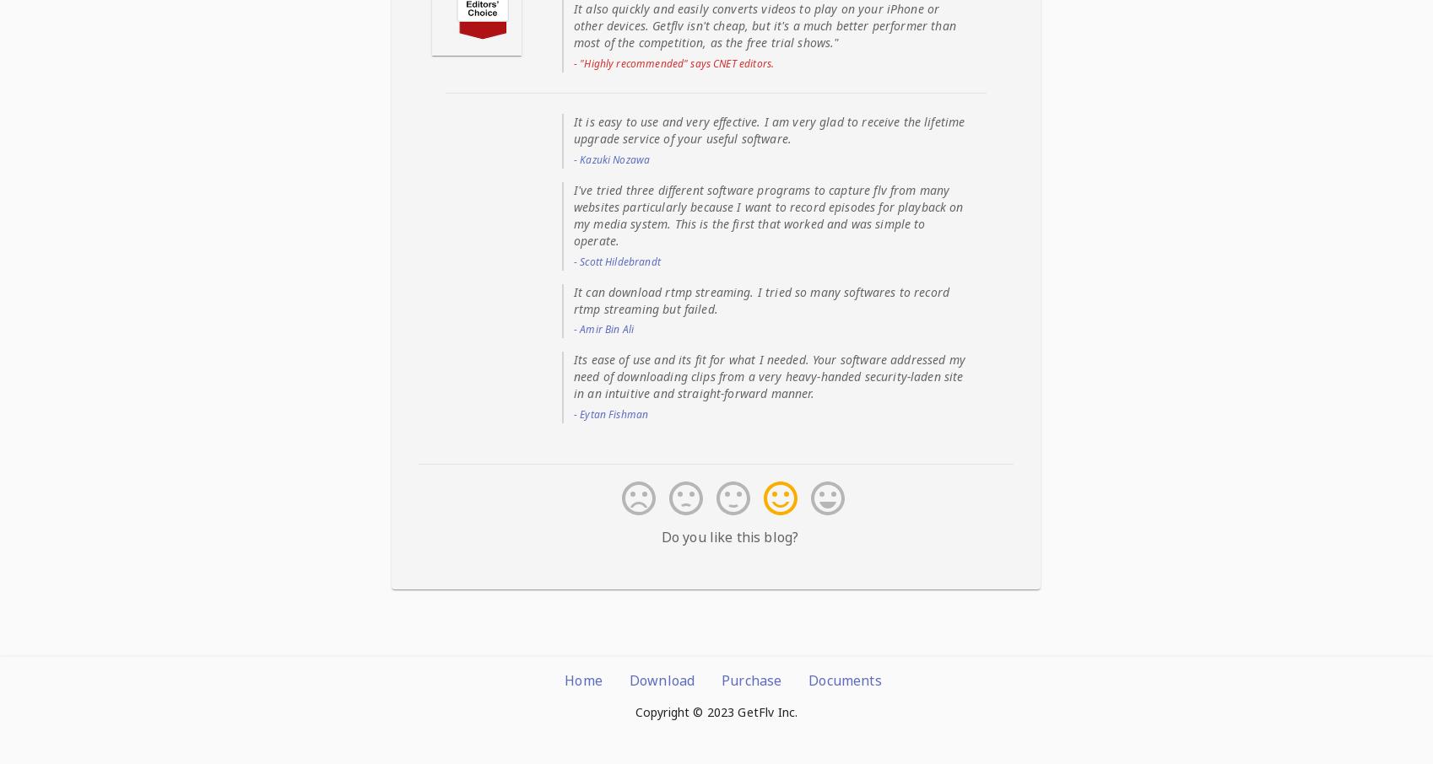  What do you see at coordinates (477, 297) in the screenshot?
I see `': A capture task will cost more than 20% of your CPU. So, The audio and video of captured videos are often out of sync if you run 3 or more capture tasks at same time.'` at bounding box center [477, 297].